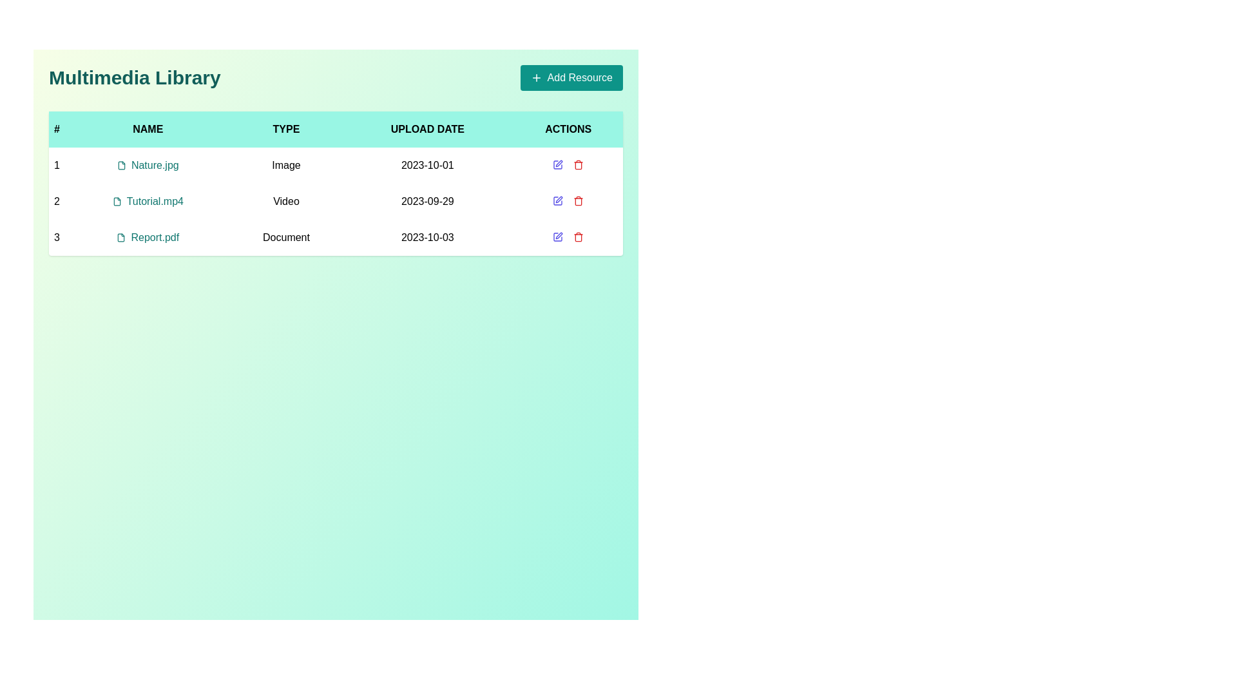 The width and height of the screenshot is (1237, 696). What do you see at coordinates (285, 165) in the screenshot?
I see `the 'Image' label, which is located in the first row and third column of the media library layout, conveying information about the image type` at bounding box center [285, 165].